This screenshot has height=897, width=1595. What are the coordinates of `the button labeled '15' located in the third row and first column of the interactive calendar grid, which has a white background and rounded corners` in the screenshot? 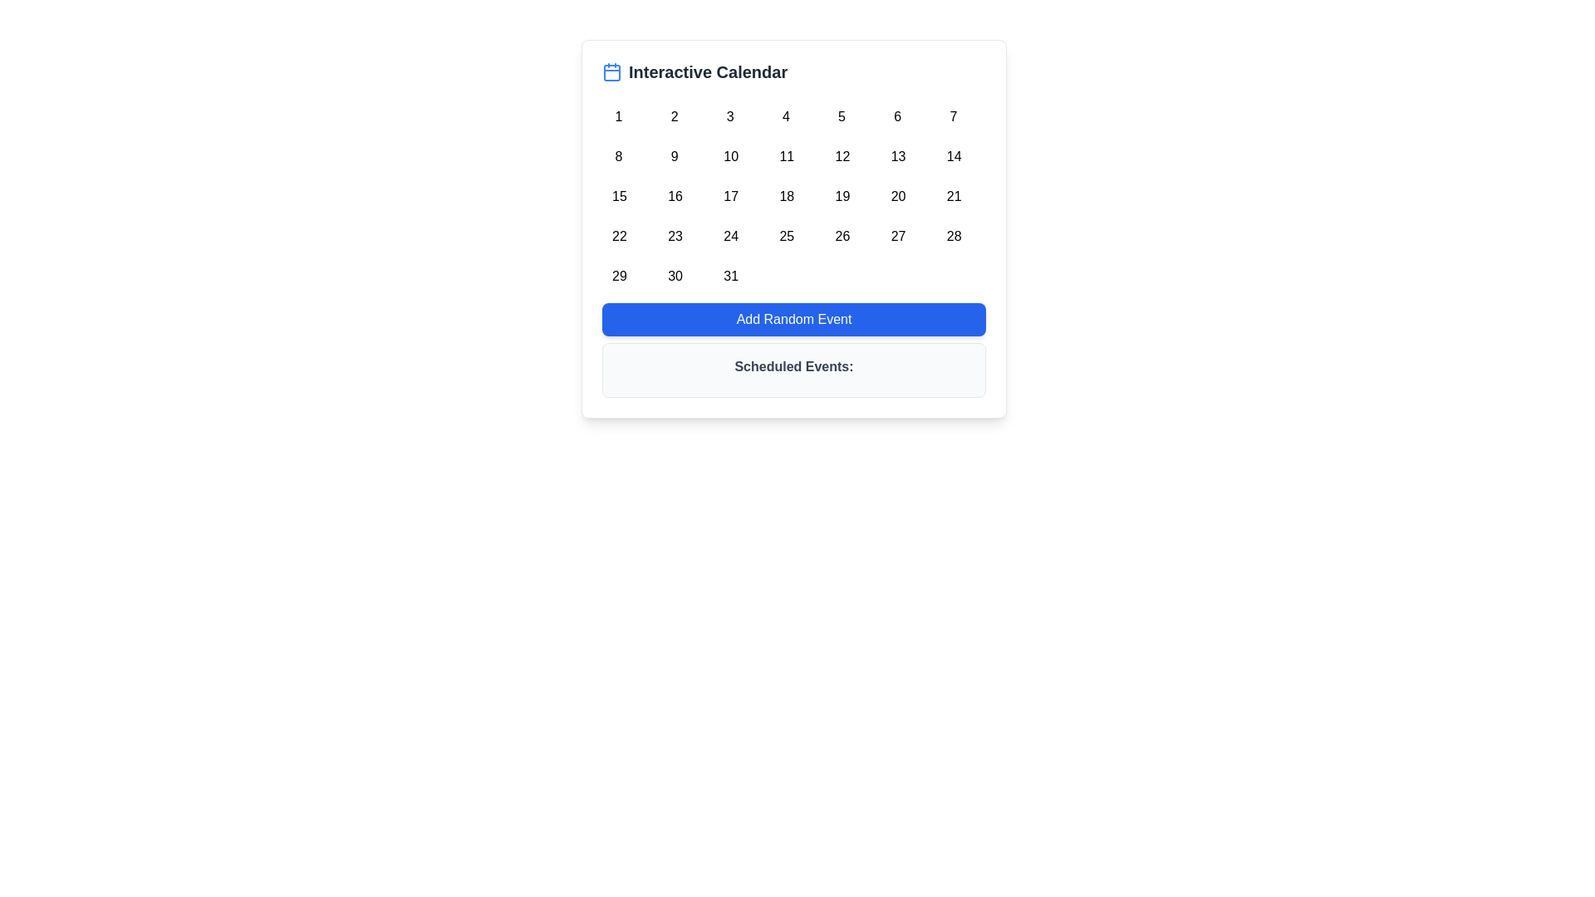 It's located at (617, 192).